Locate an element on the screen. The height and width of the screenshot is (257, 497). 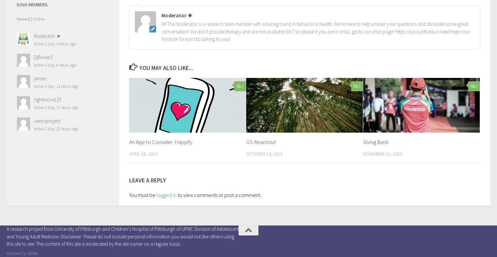
'|' is located at coordinates (31, 18).